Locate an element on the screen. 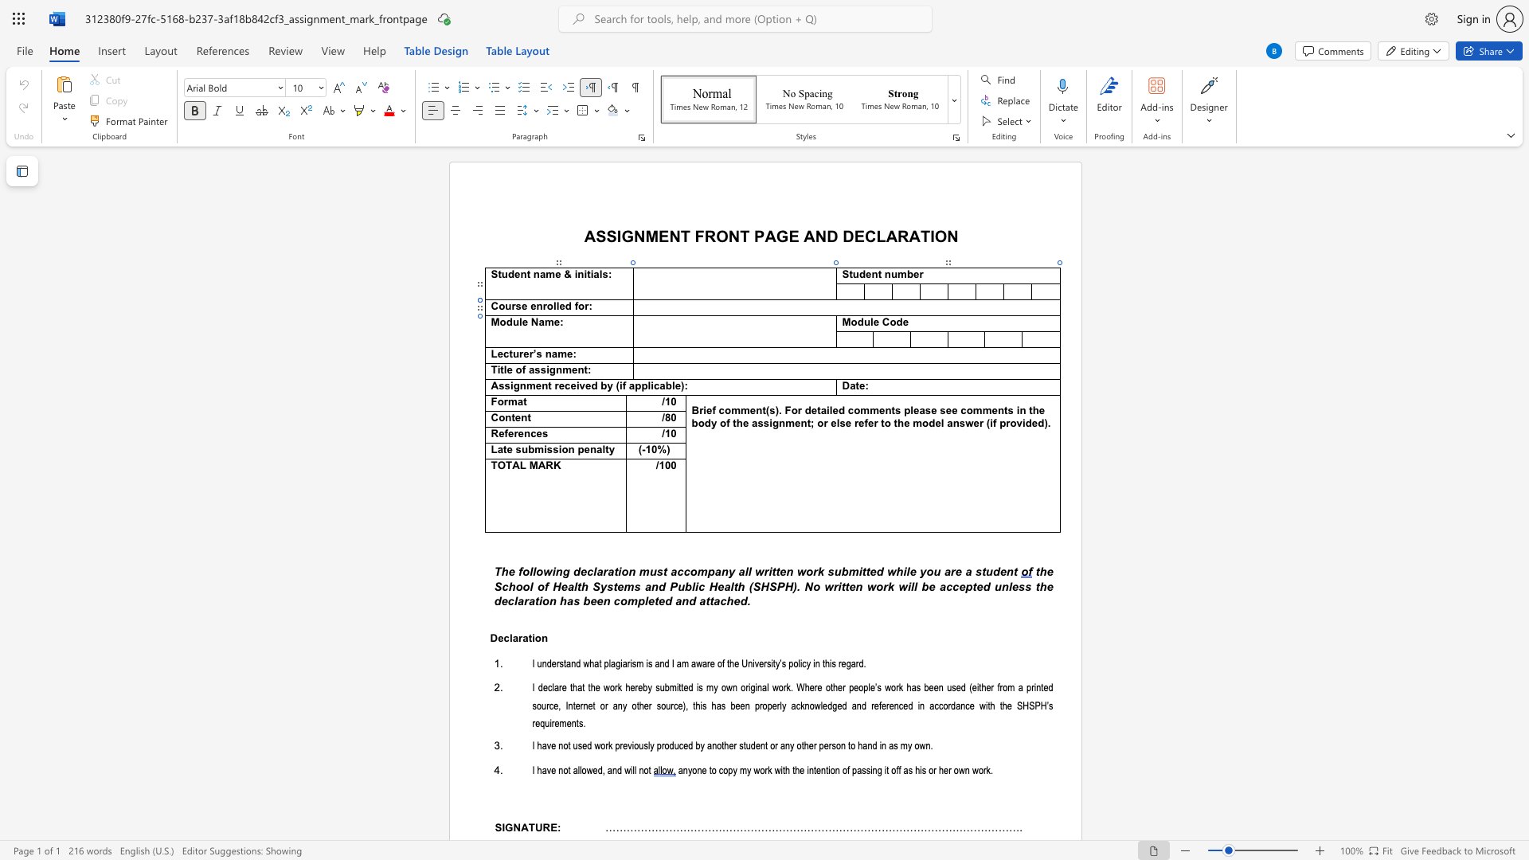  the 1th character "d" in the text is located at coordinates (508, 322).